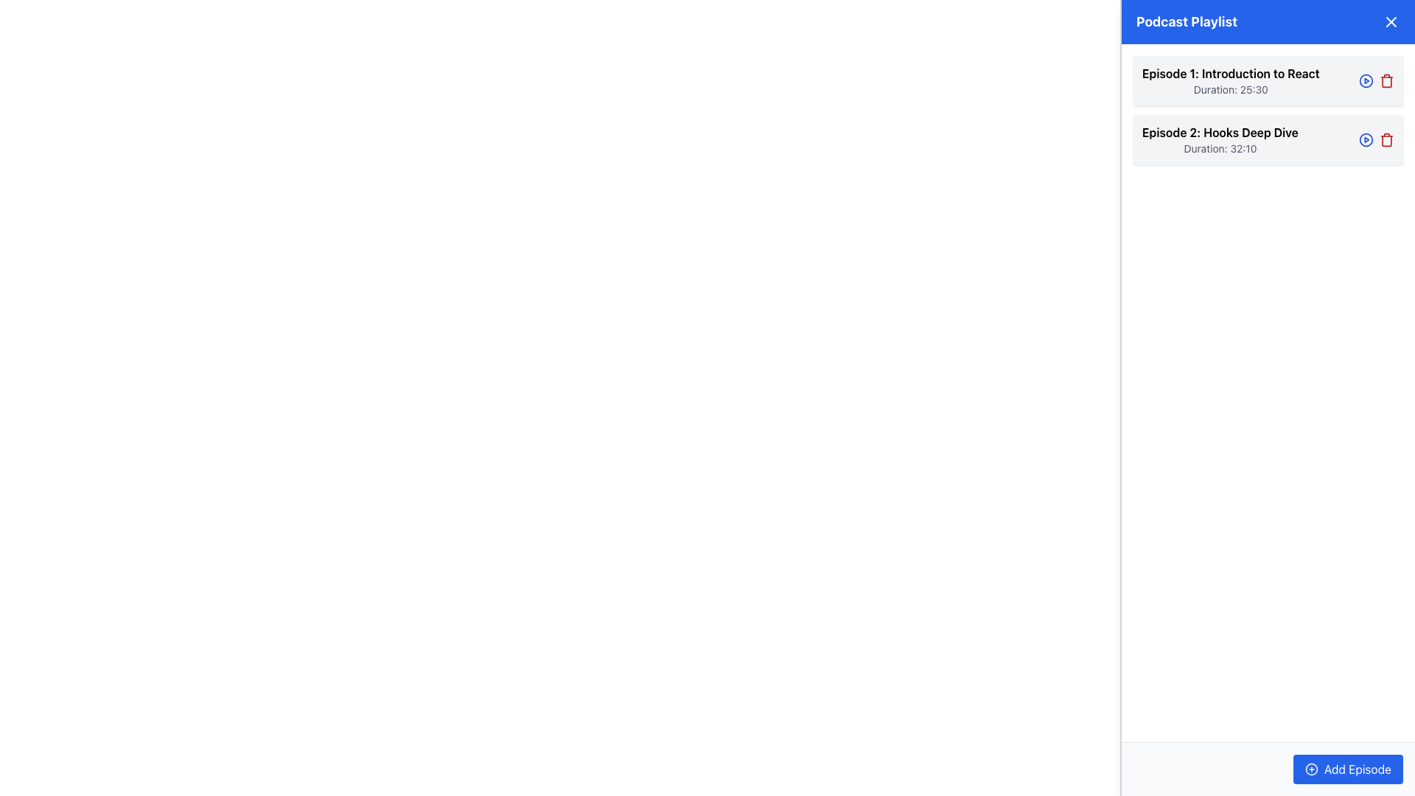  I want to click on the button located in the bottom-right corner of the toolbar, so click(1348, 769).